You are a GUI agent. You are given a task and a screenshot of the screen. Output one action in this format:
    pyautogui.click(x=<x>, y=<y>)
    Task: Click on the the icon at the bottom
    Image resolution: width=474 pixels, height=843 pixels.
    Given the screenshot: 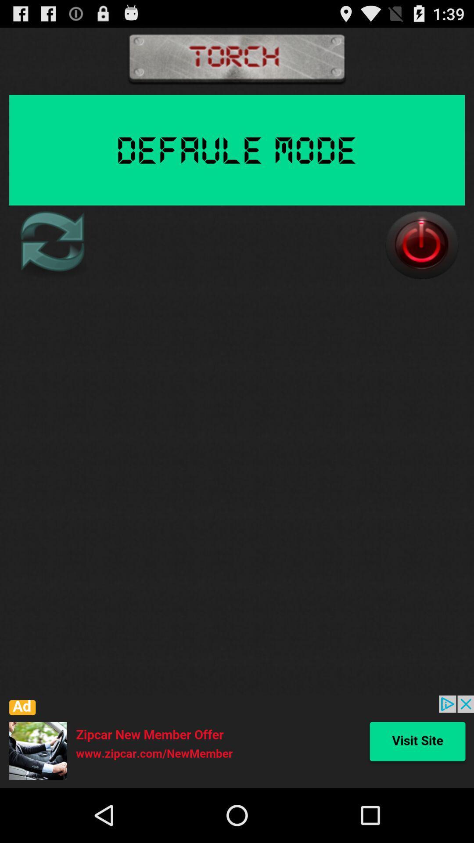 What is the action you would take?
    pyautogui.click(x=237, y=741)
    